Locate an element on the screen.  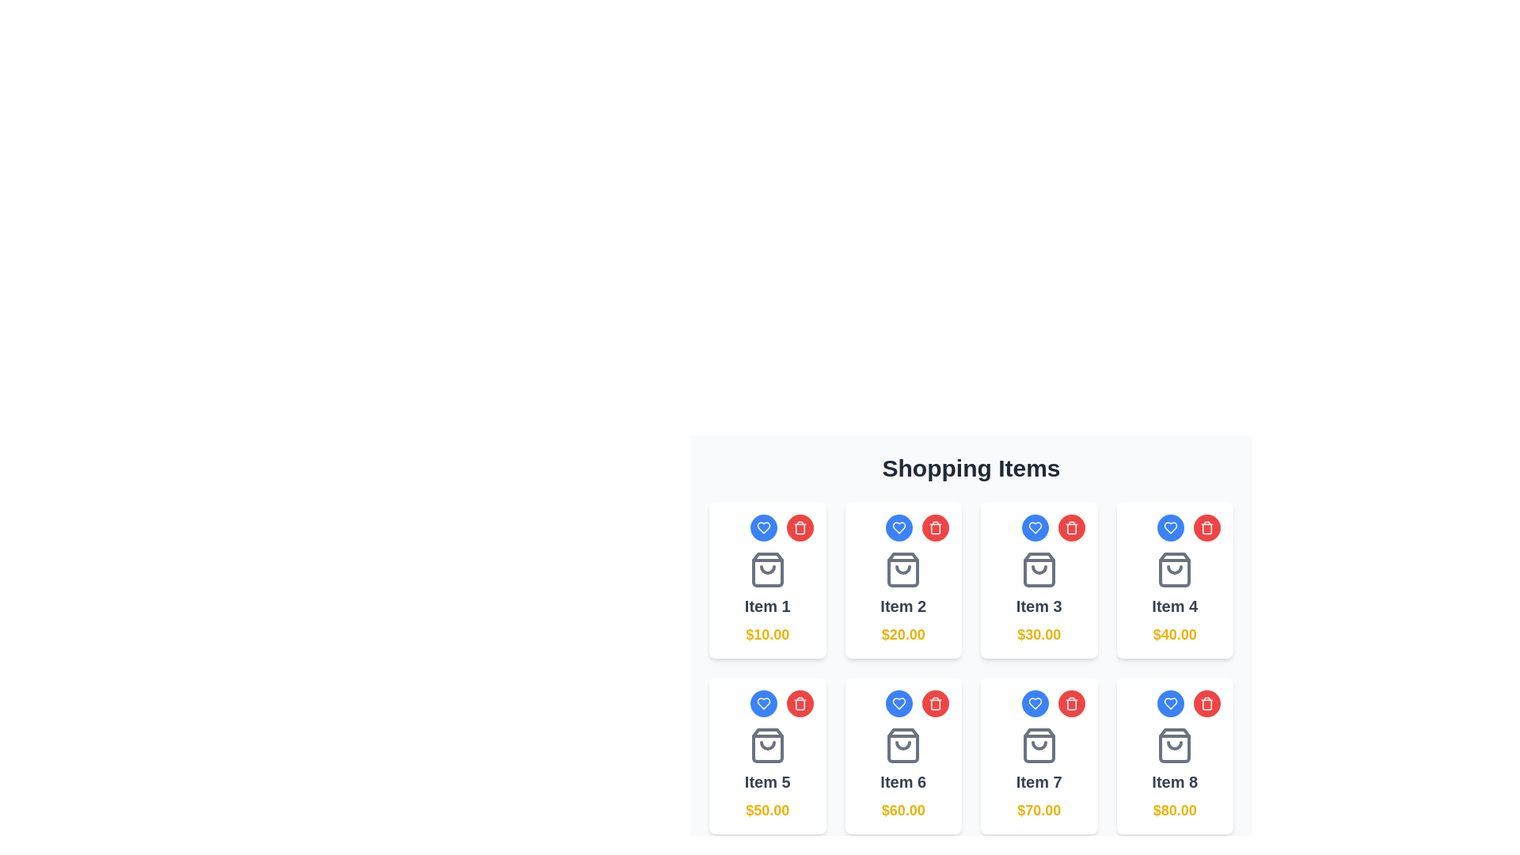
the heart icon within the blue circular button located in the top-left area of the grid item representing 'Item 8' is located at coordinates (899, 528).